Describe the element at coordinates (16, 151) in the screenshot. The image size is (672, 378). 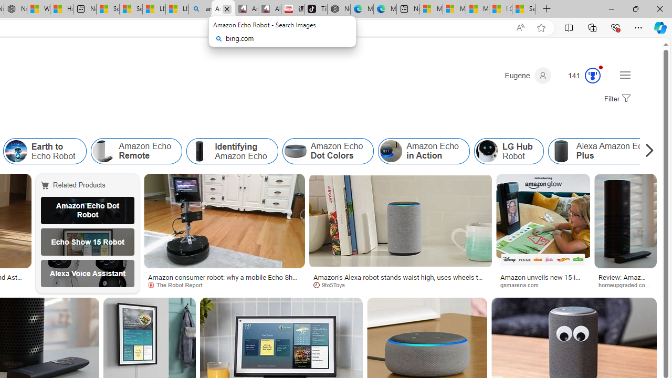
I see `'Earth to Echo Robot'` at that location.